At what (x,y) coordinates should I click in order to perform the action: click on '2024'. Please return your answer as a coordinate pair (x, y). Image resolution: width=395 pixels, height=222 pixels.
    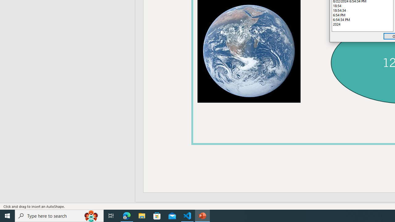
    Looking at the image, I should click on (363, 24).